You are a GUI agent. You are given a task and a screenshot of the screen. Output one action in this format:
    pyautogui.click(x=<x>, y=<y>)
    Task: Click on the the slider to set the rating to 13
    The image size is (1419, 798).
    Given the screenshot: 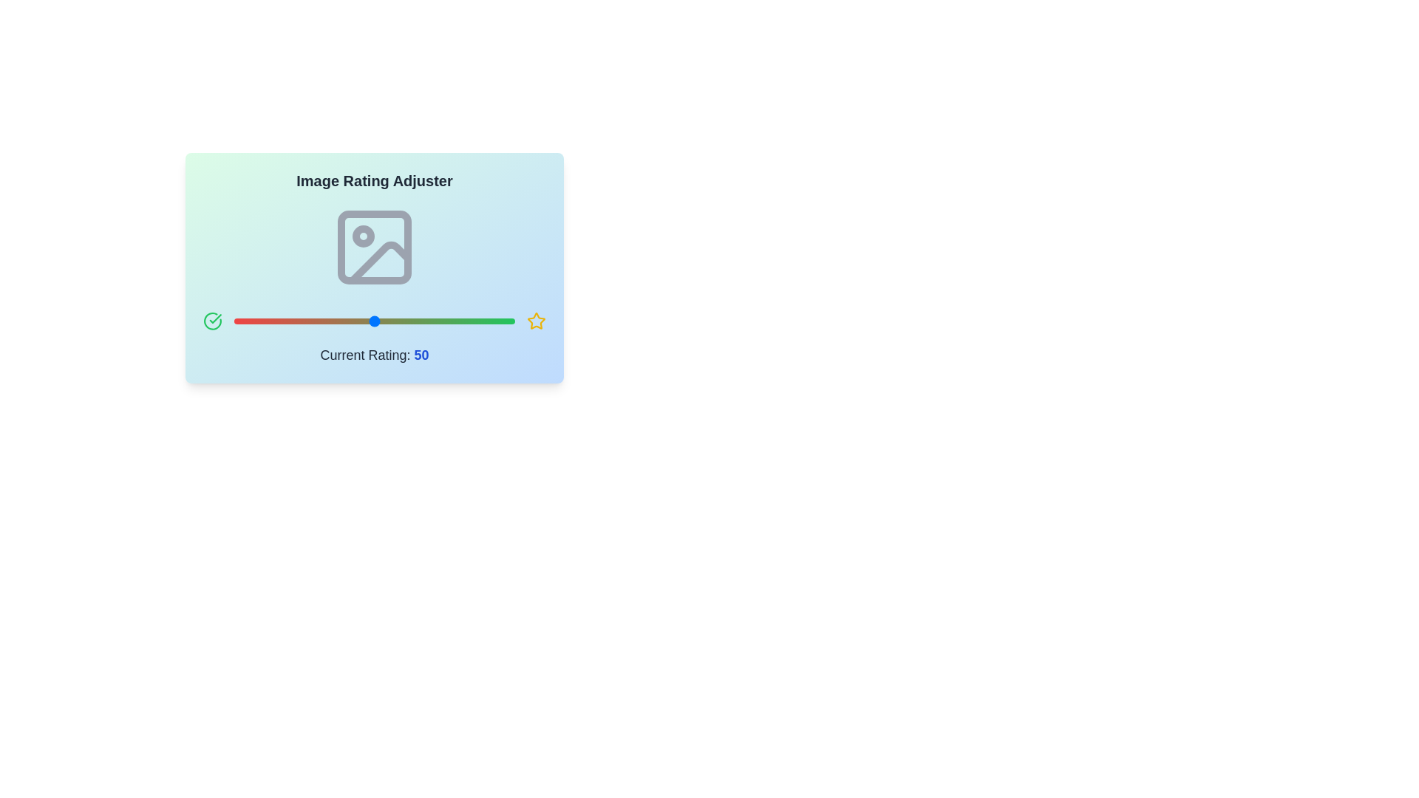 What is the action you would take?
    pyautogui.click(x=270, y=321)
    